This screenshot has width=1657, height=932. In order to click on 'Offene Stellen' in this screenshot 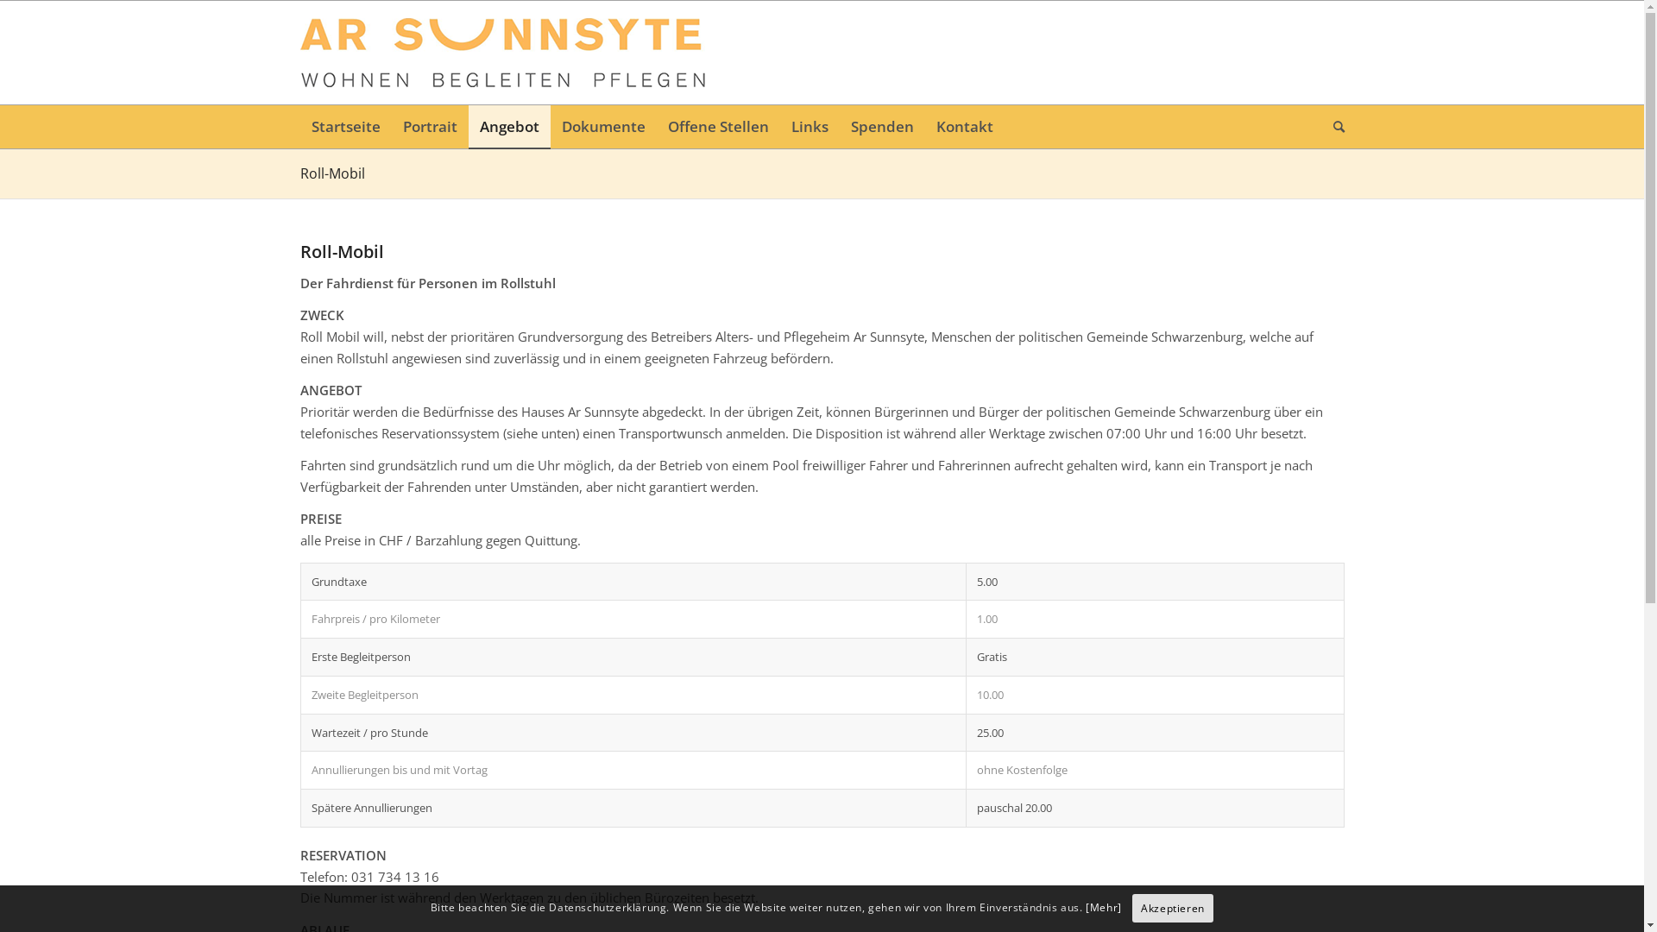, I will do `click(654, 125)`.